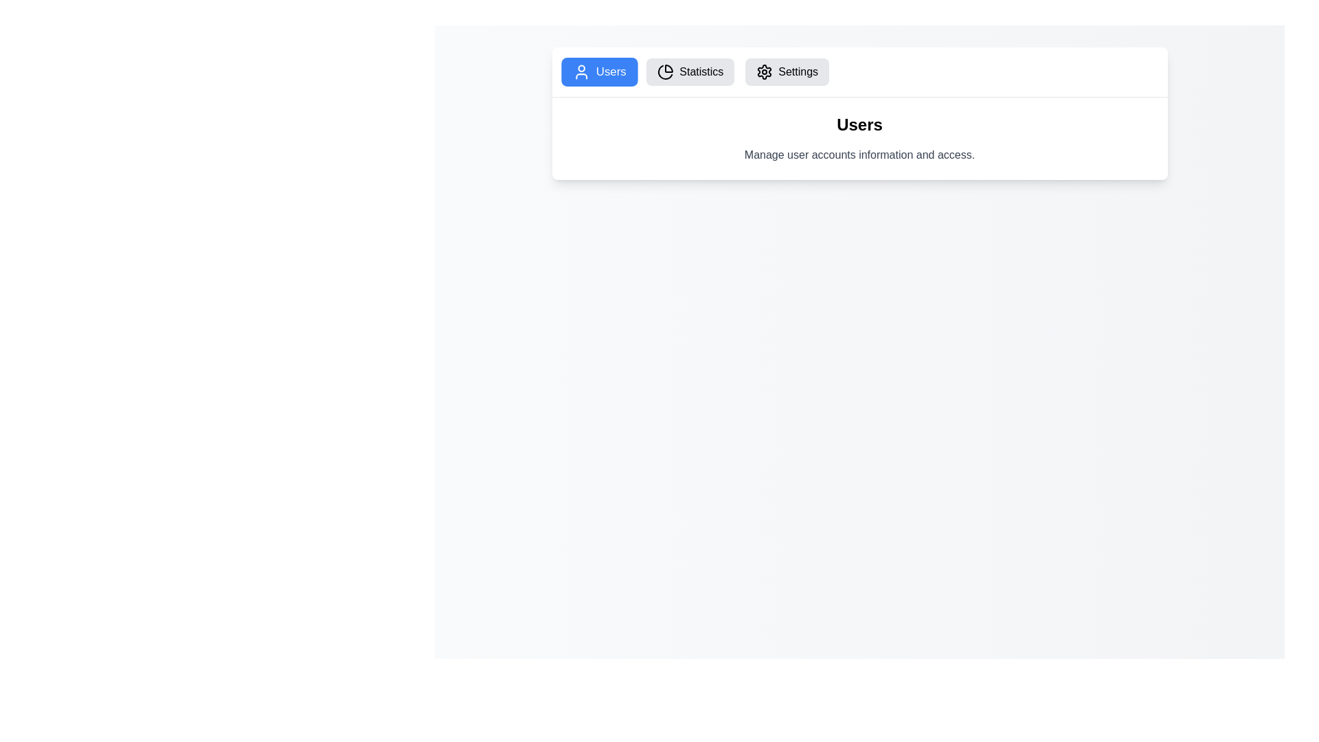 This screenshot has width=1319, height=742. Describe the element at coordinates (580, 71) in the screenshot. I see `the user icon located to the left of the text in the 'Users' button, which has a blue background and white text` at that location.